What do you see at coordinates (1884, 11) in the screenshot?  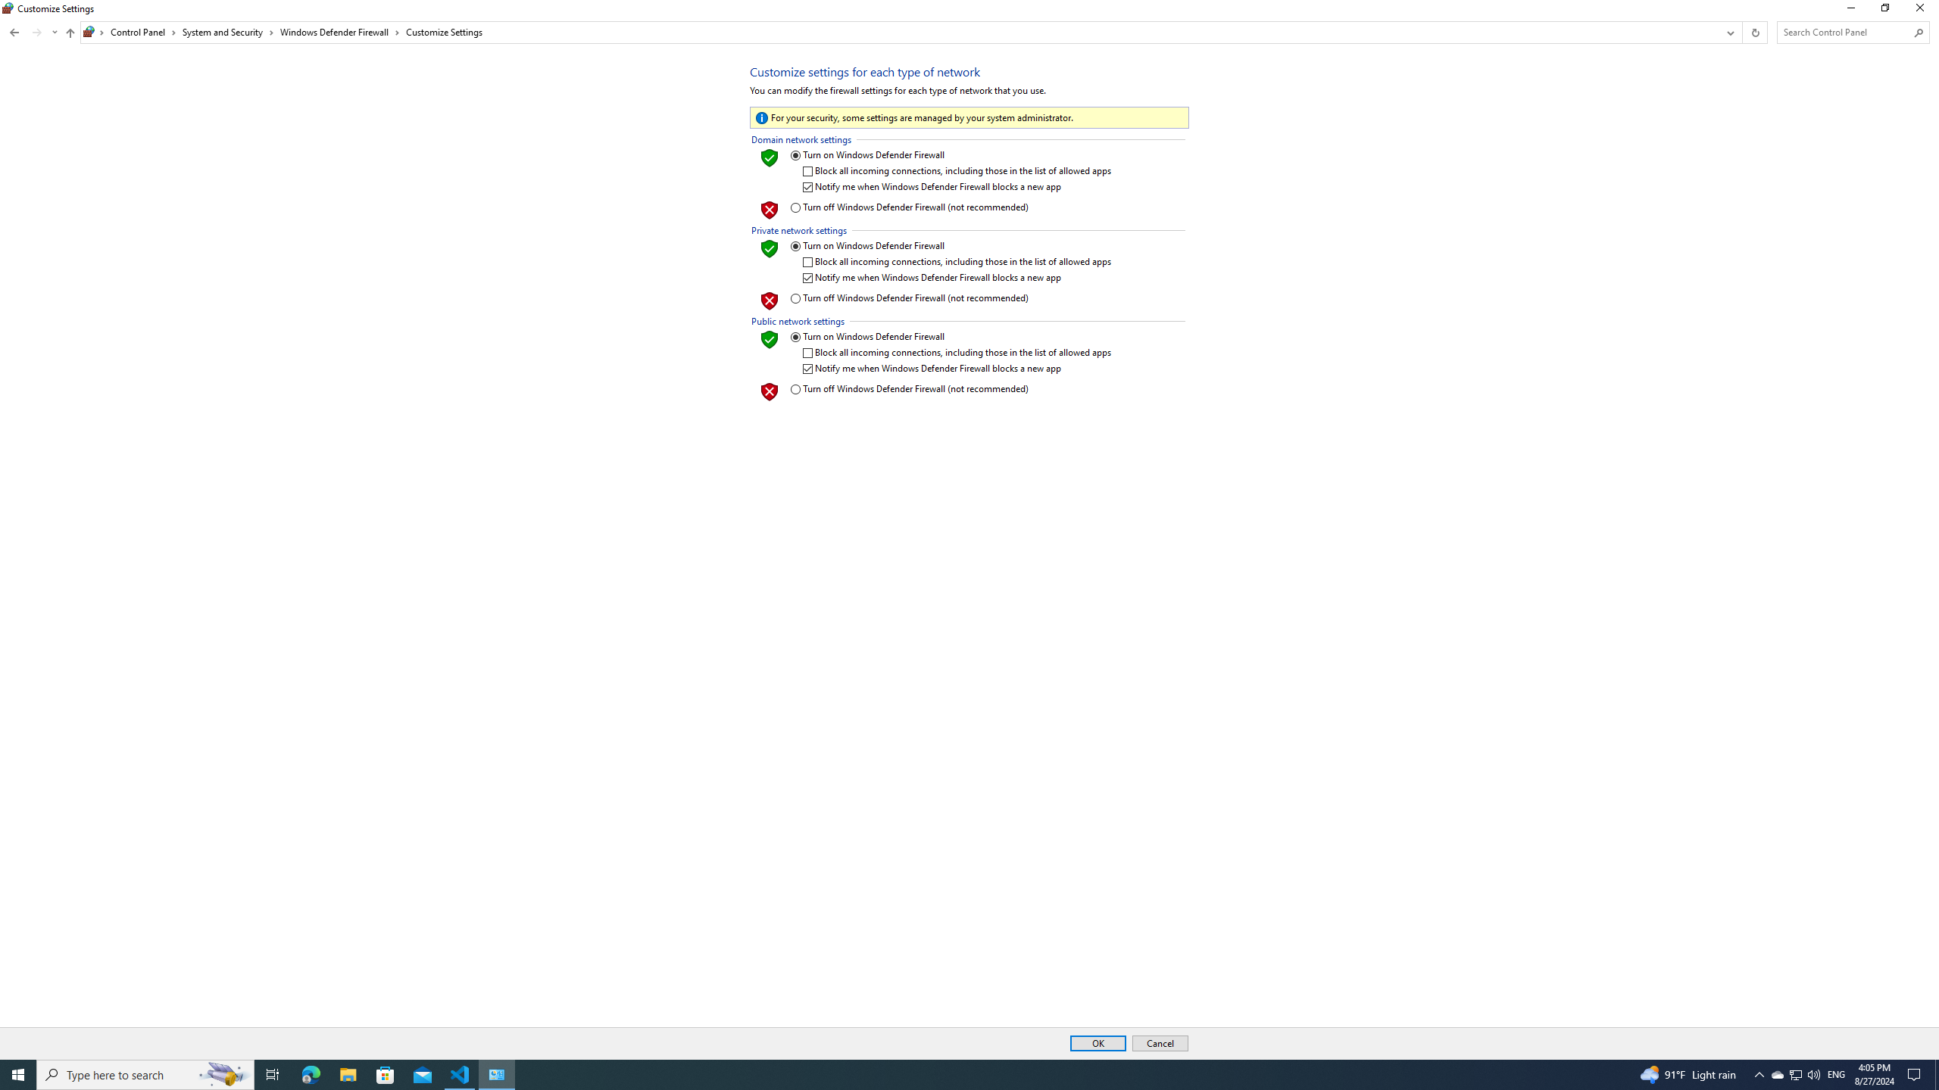 I see `'Restore'` at bounding box center [1884, 11].